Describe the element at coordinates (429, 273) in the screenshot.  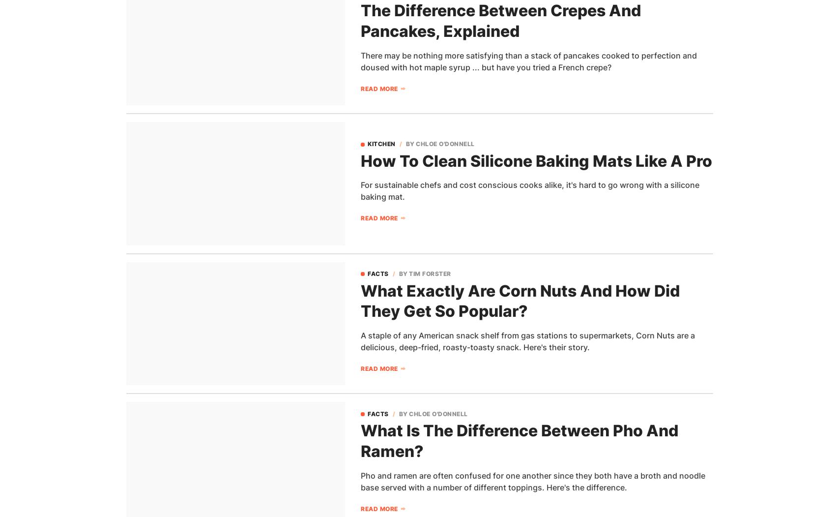
I see `'Tim Forster'` at that location.